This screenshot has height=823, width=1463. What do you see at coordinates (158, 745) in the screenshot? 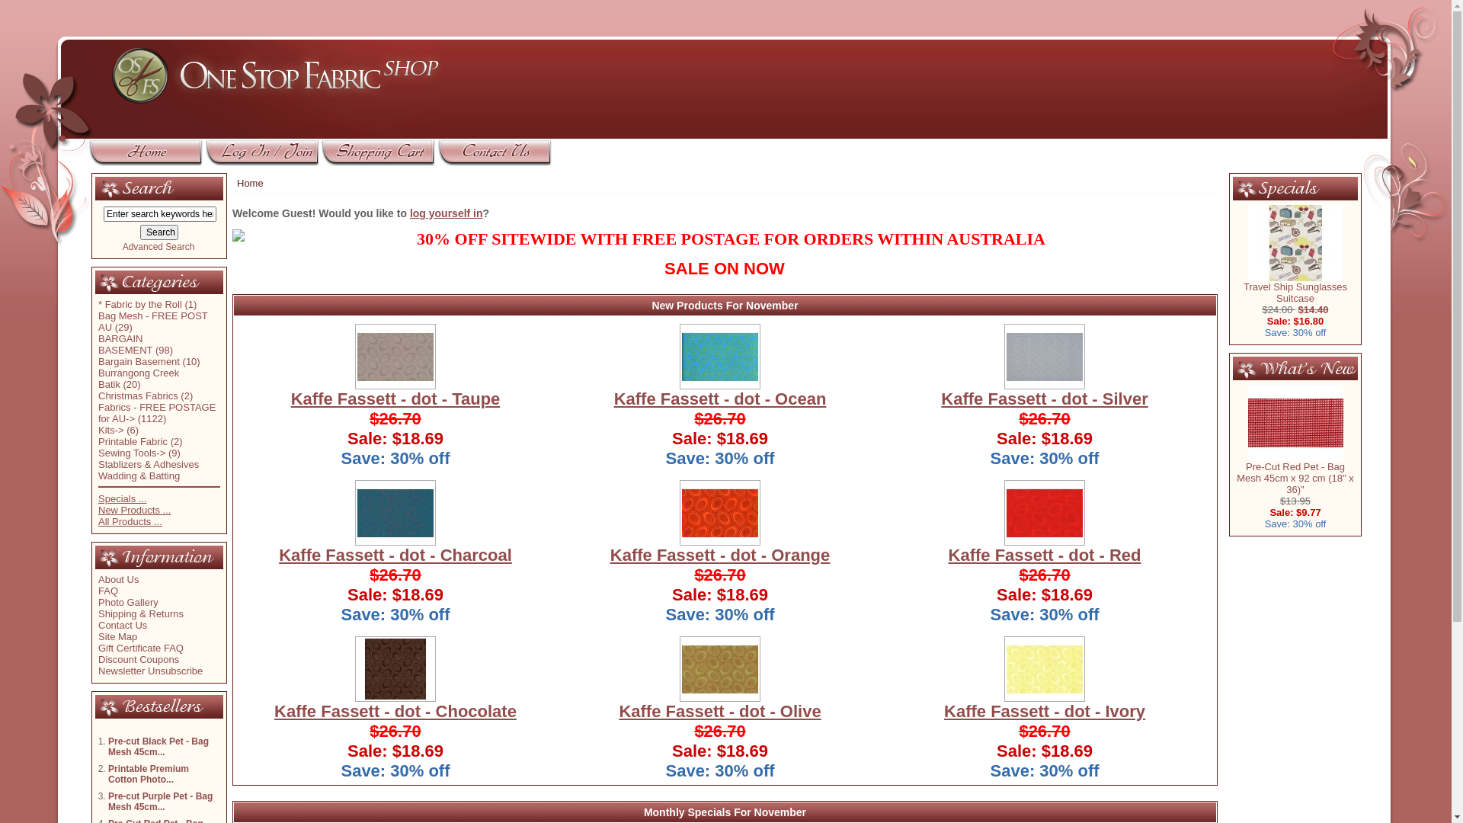
I see `'Pre-cut Black Pet - Bag Mesh 45cm...'` at bounding box center [158, 745].